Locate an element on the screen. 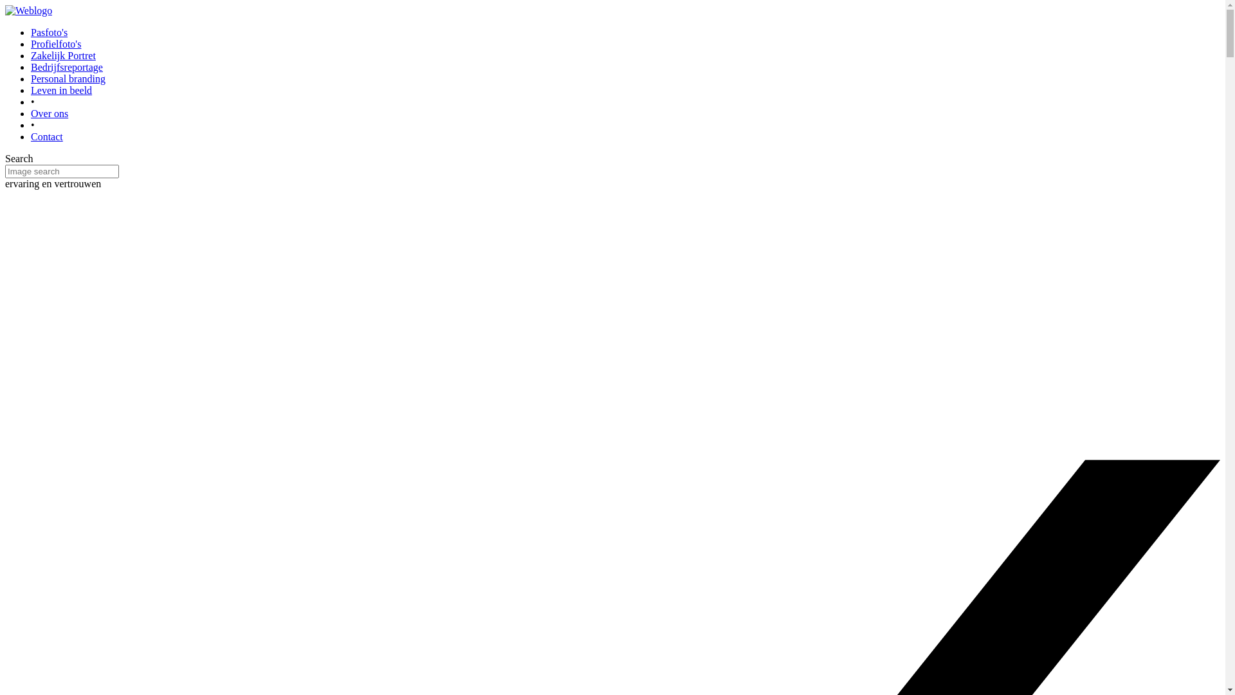 This screenshot has height=695, width=1235. 'Personal branding' is located at coordinates (67, 79).